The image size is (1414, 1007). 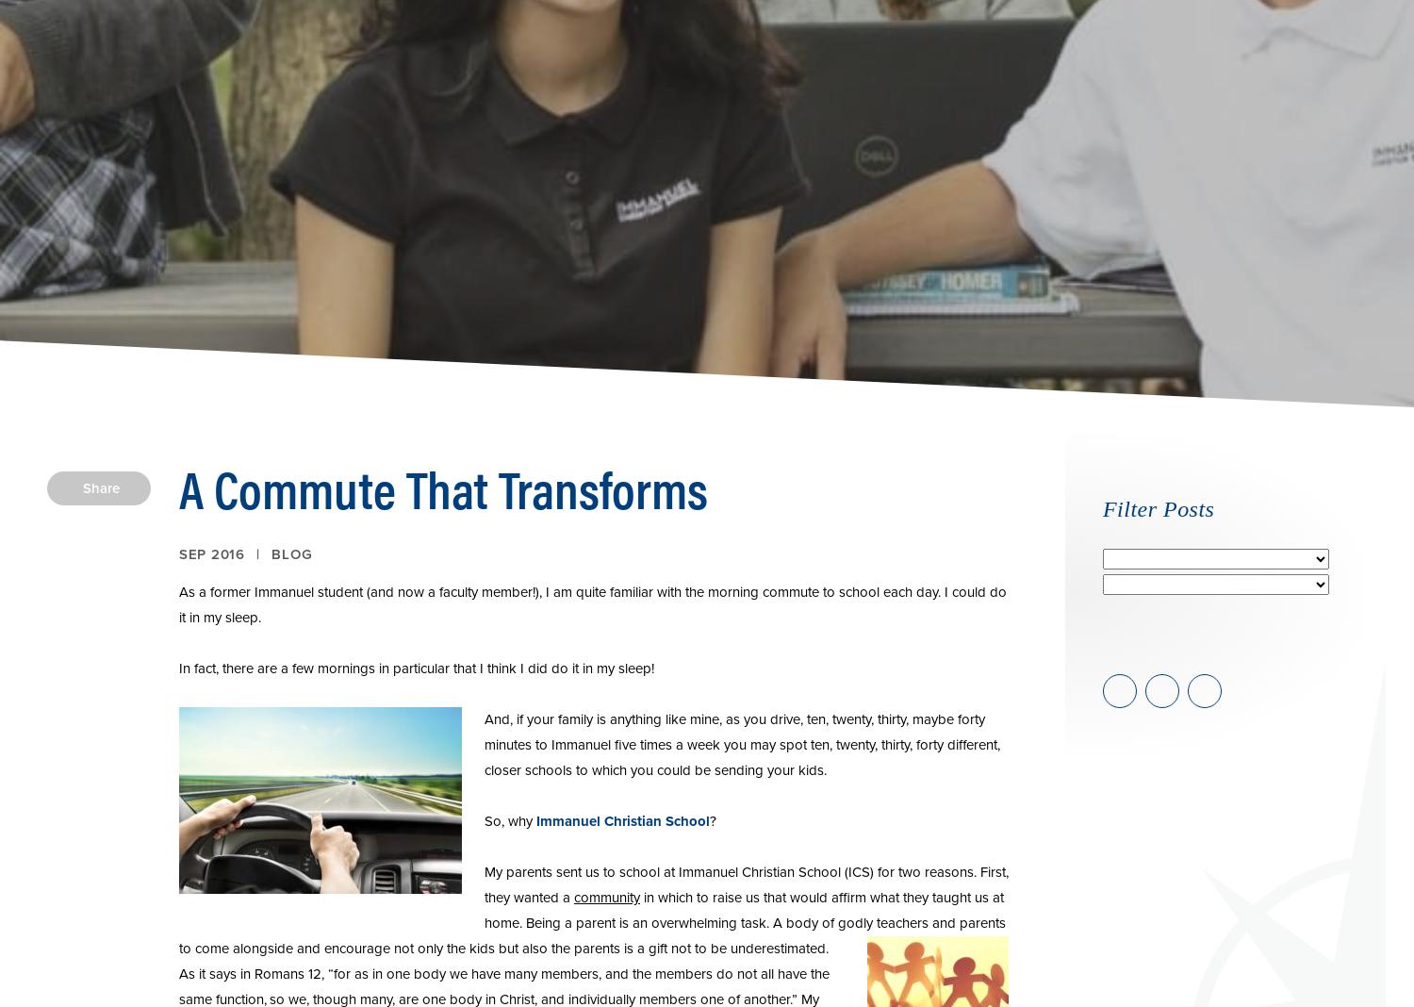 I want to click on 'Sep 2016', so click(x=209, y=552).